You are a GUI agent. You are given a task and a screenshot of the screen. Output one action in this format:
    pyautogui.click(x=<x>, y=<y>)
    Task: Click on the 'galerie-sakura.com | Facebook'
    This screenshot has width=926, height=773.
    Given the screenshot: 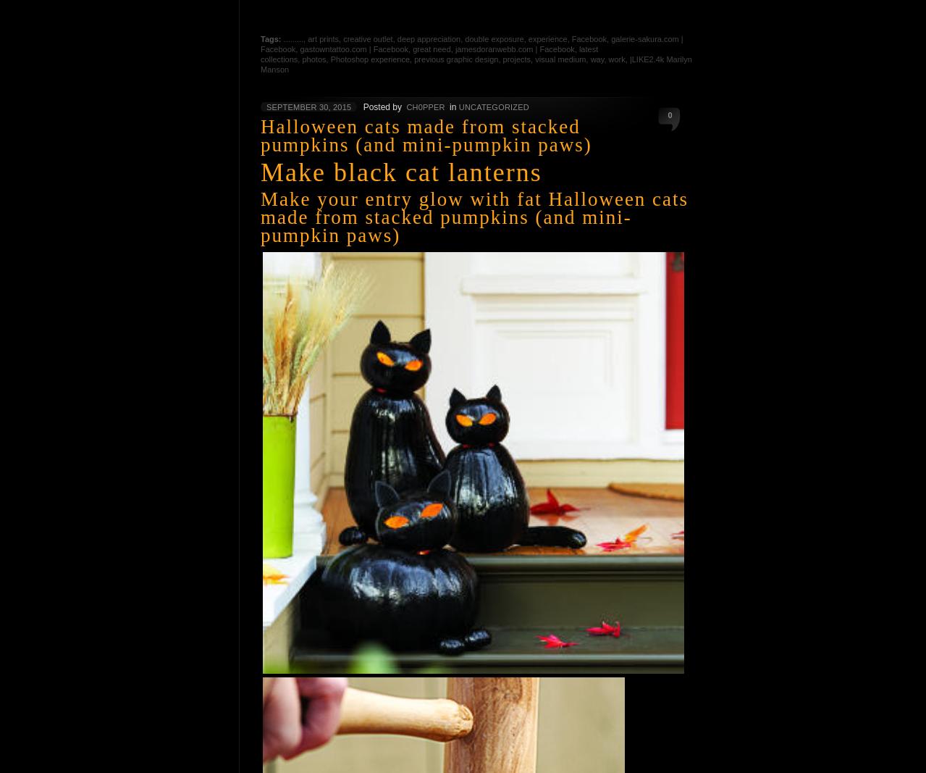 What is the action you would take?
    pyautogui.click(x=471, y=43)
    